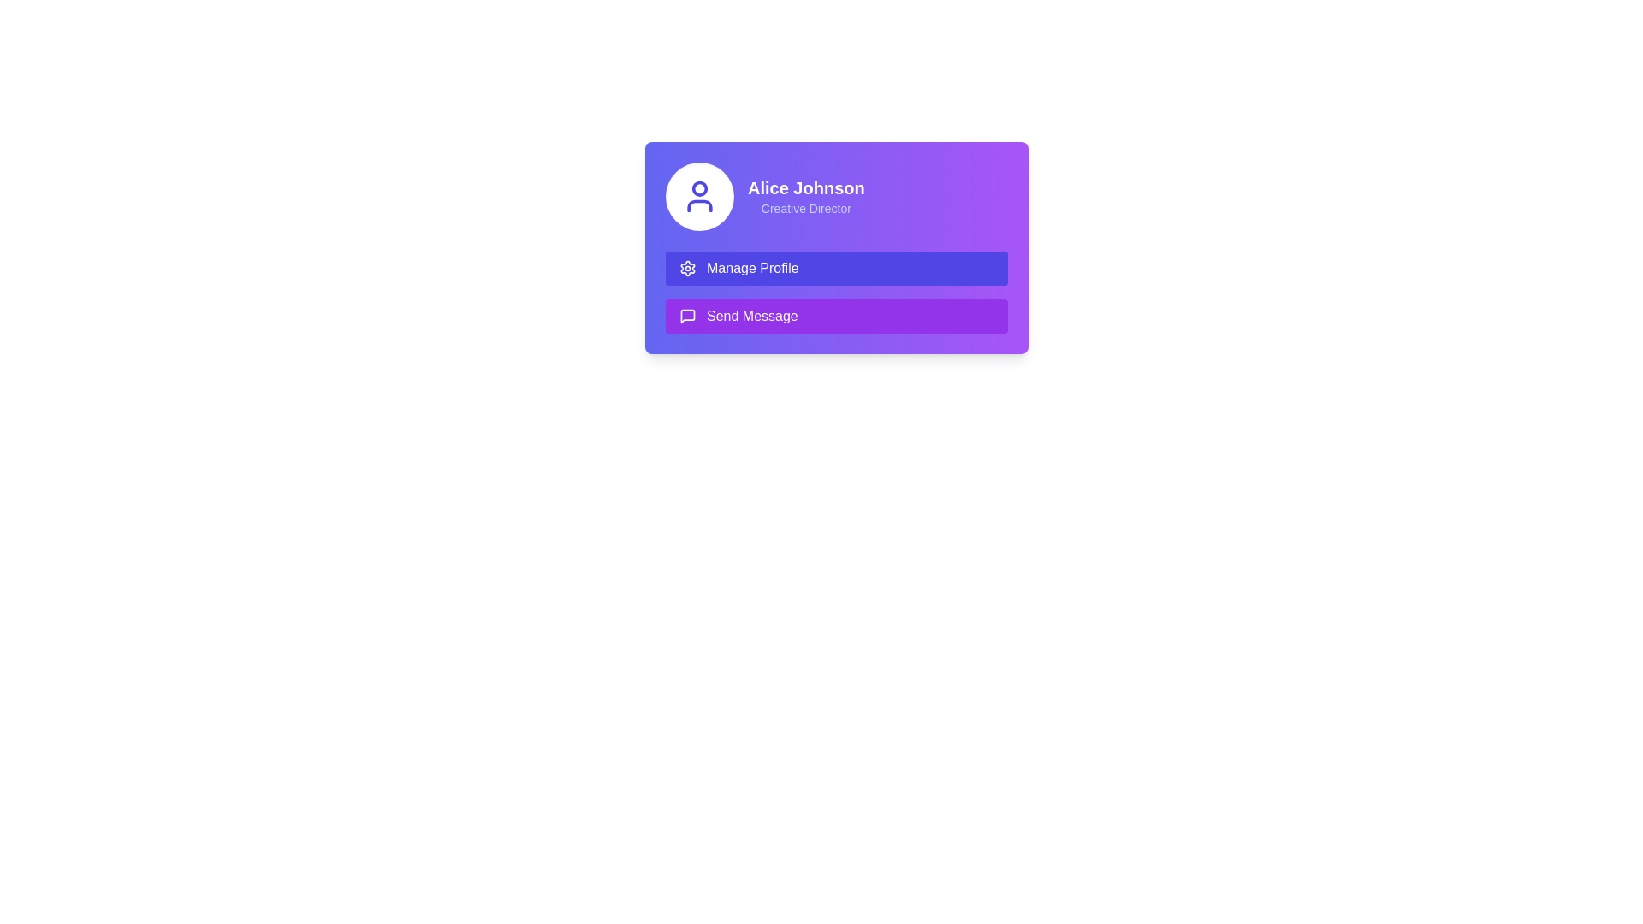 The width and height of the screenshot is (1643, 924). What do you see at coordinates (805, 207) in the screenshot?
I see `the text label displaying the job title 'Creative Director', which is positioned directly beneath 'Alice Johnson' and styled in light indigo color` at bounding box center [805, 207].